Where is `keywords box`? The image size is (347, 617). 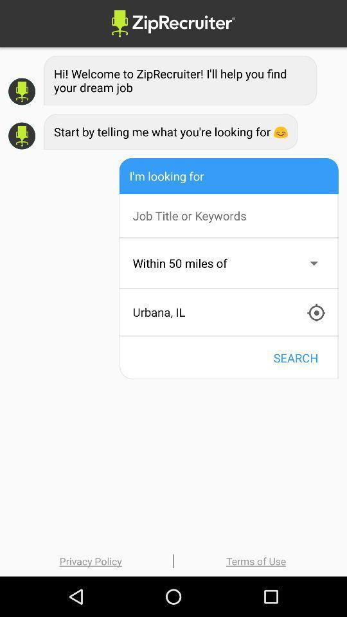
keywords box is located at coordinates (235, 215).